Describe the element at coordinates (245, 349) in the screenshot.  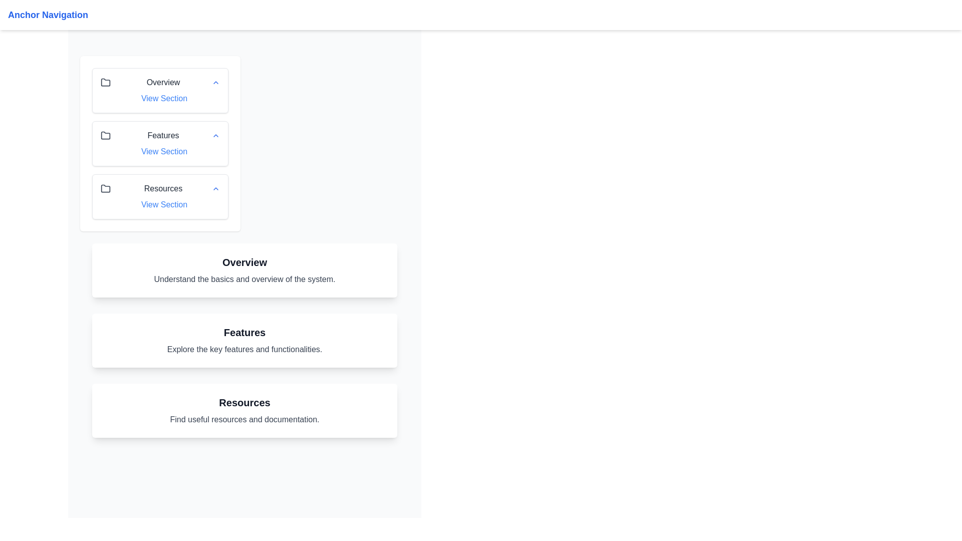
I see `the descriptive text label located just below the 'Features' title, which provides an overview of the section` at that location.